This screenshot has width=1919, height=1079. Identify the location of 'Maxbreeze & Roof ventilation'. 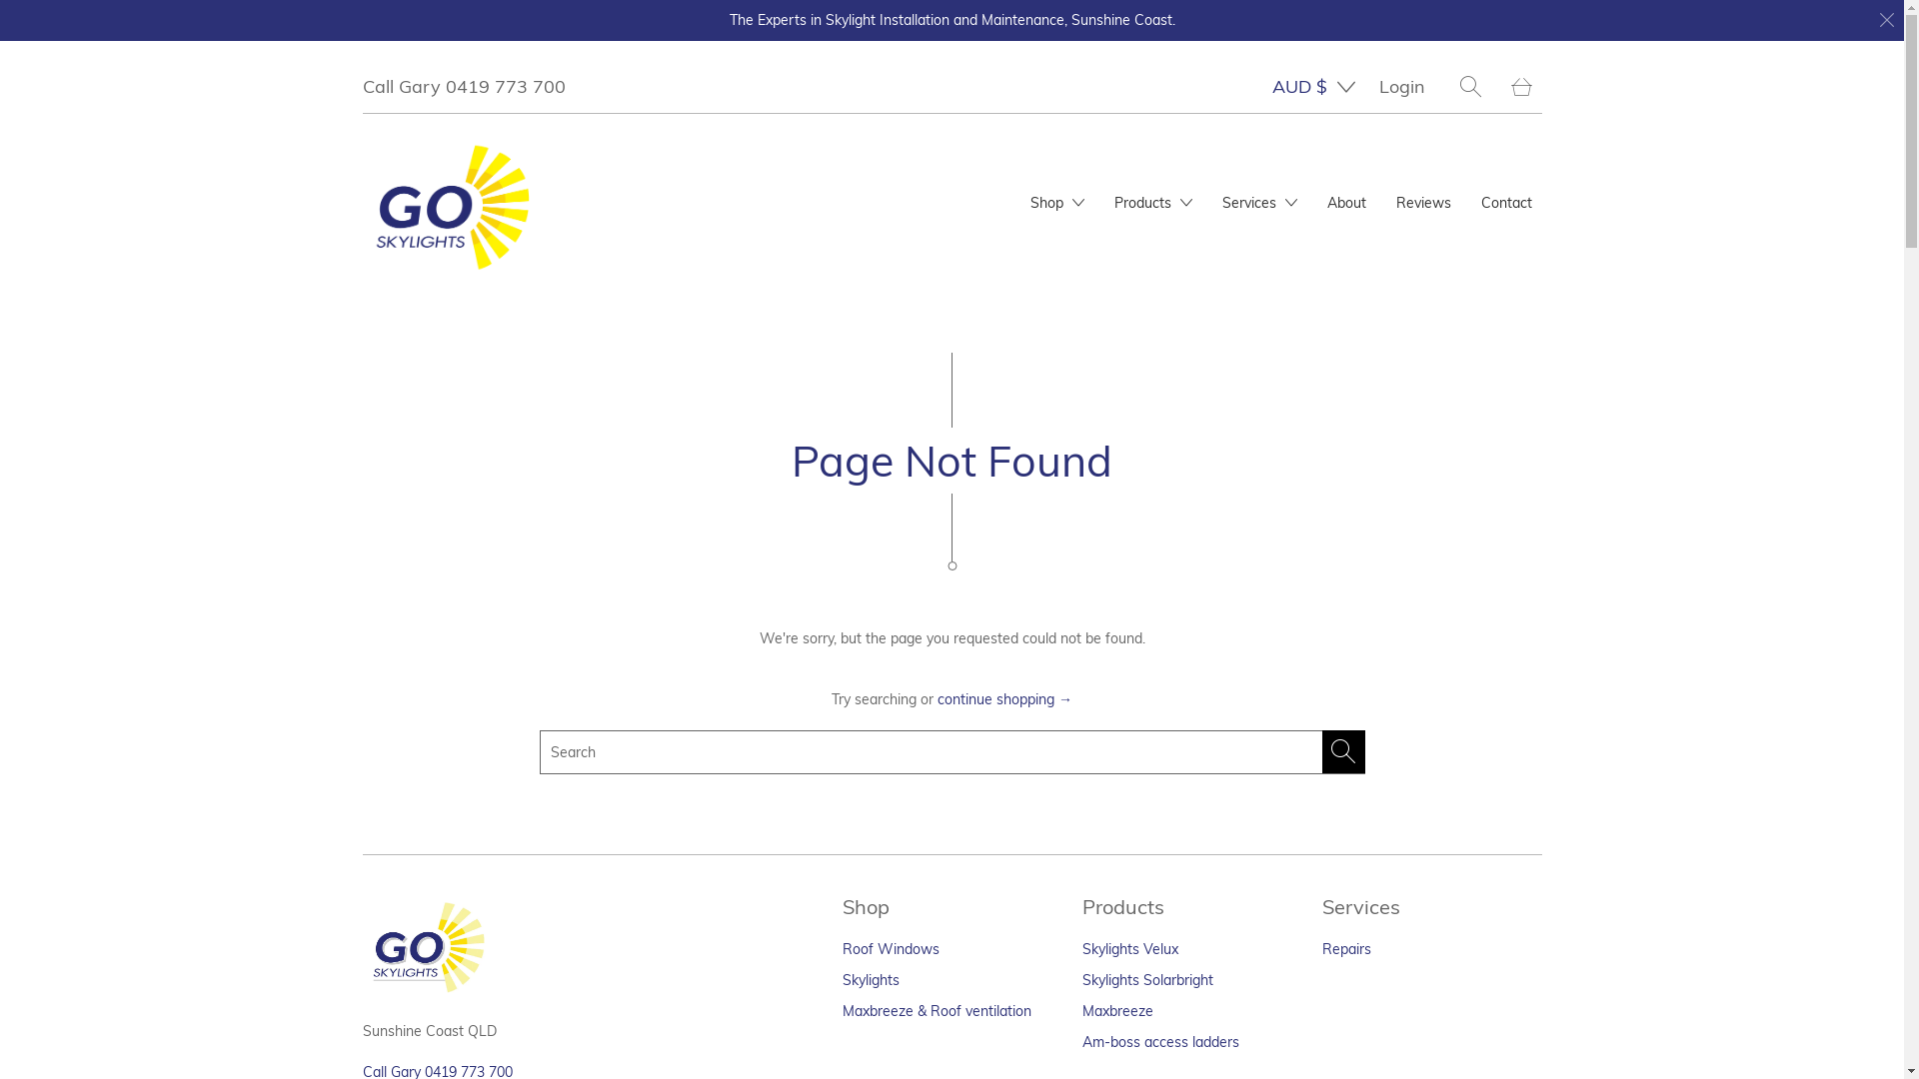
(841, 1010).